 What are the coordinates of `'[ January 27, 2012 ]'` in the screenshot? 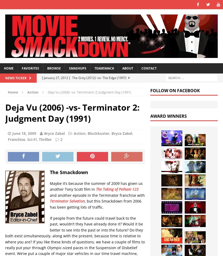 It's located at (56, 78).